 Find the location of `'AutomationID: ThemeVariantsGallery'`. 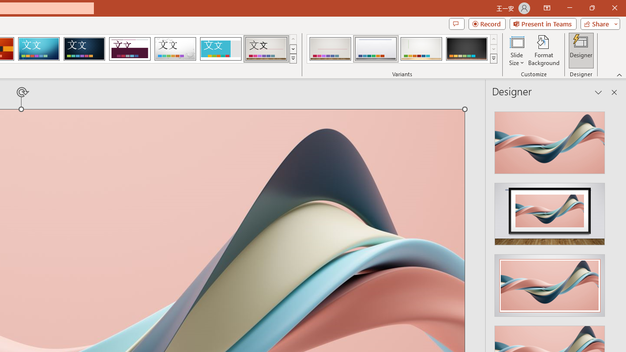

'AutomationID: ThemeVariantsGallery' is located at coordinates (402, 49).